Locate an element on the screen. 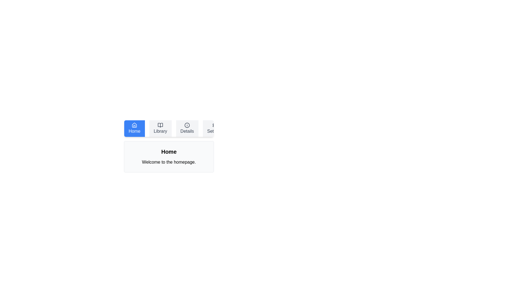  the button labeled Details to observe its hover effect is located at coordinates (187, 129).